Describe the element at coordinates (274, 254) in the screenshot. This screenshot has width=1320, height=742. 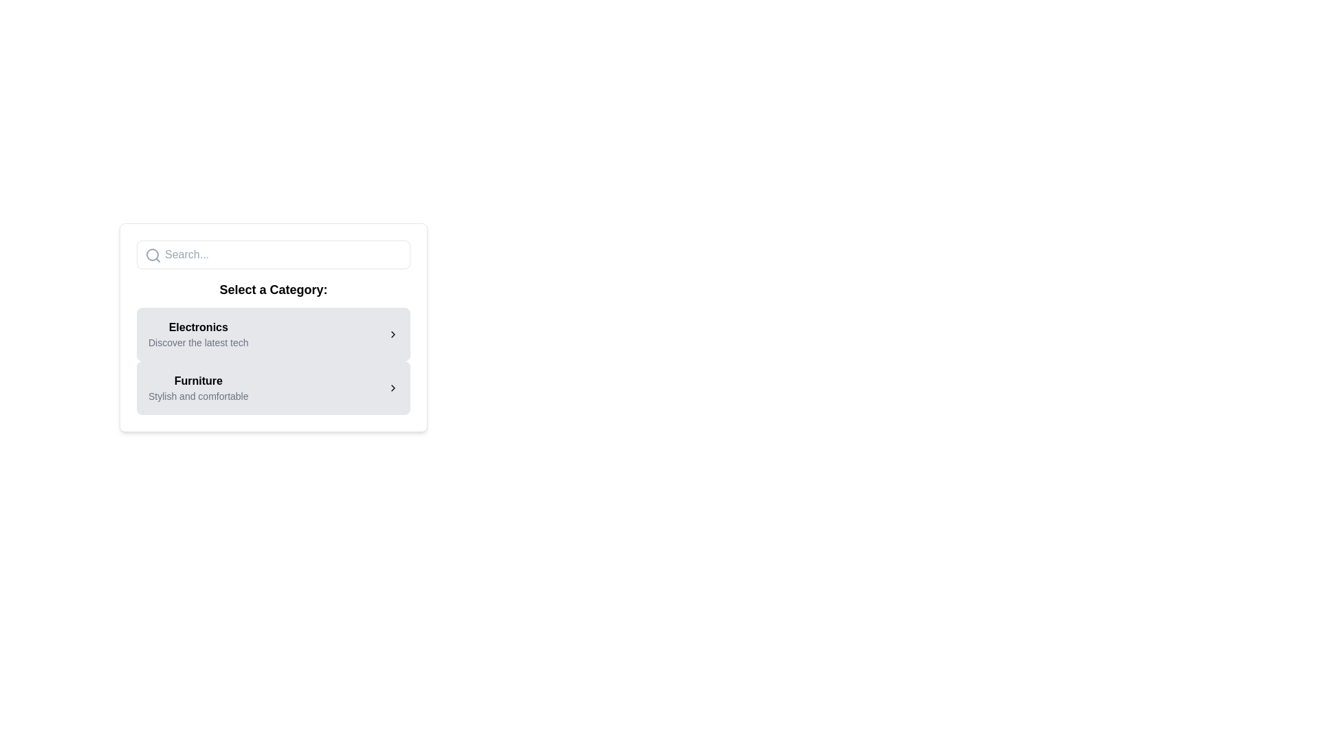
I see `to select text in the Text Input Field located above the header 'Select a Category:' on the card-like interface` at that location.